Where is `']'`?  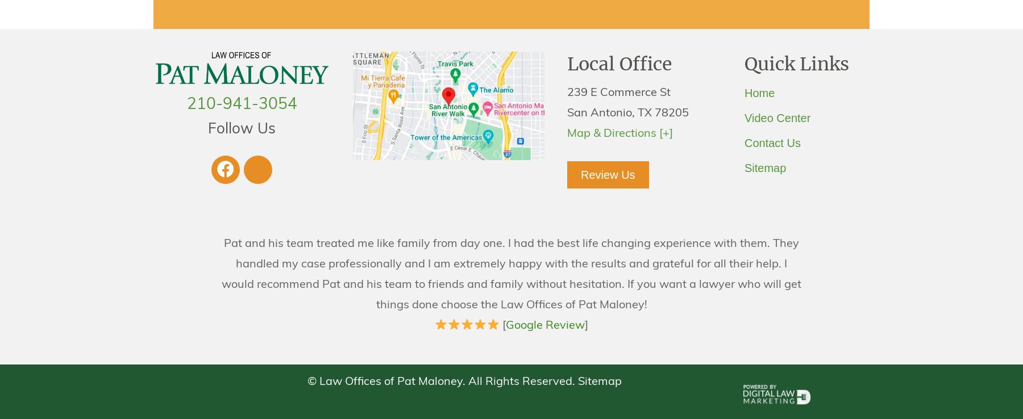
']' is located at coordinates (584, 326).